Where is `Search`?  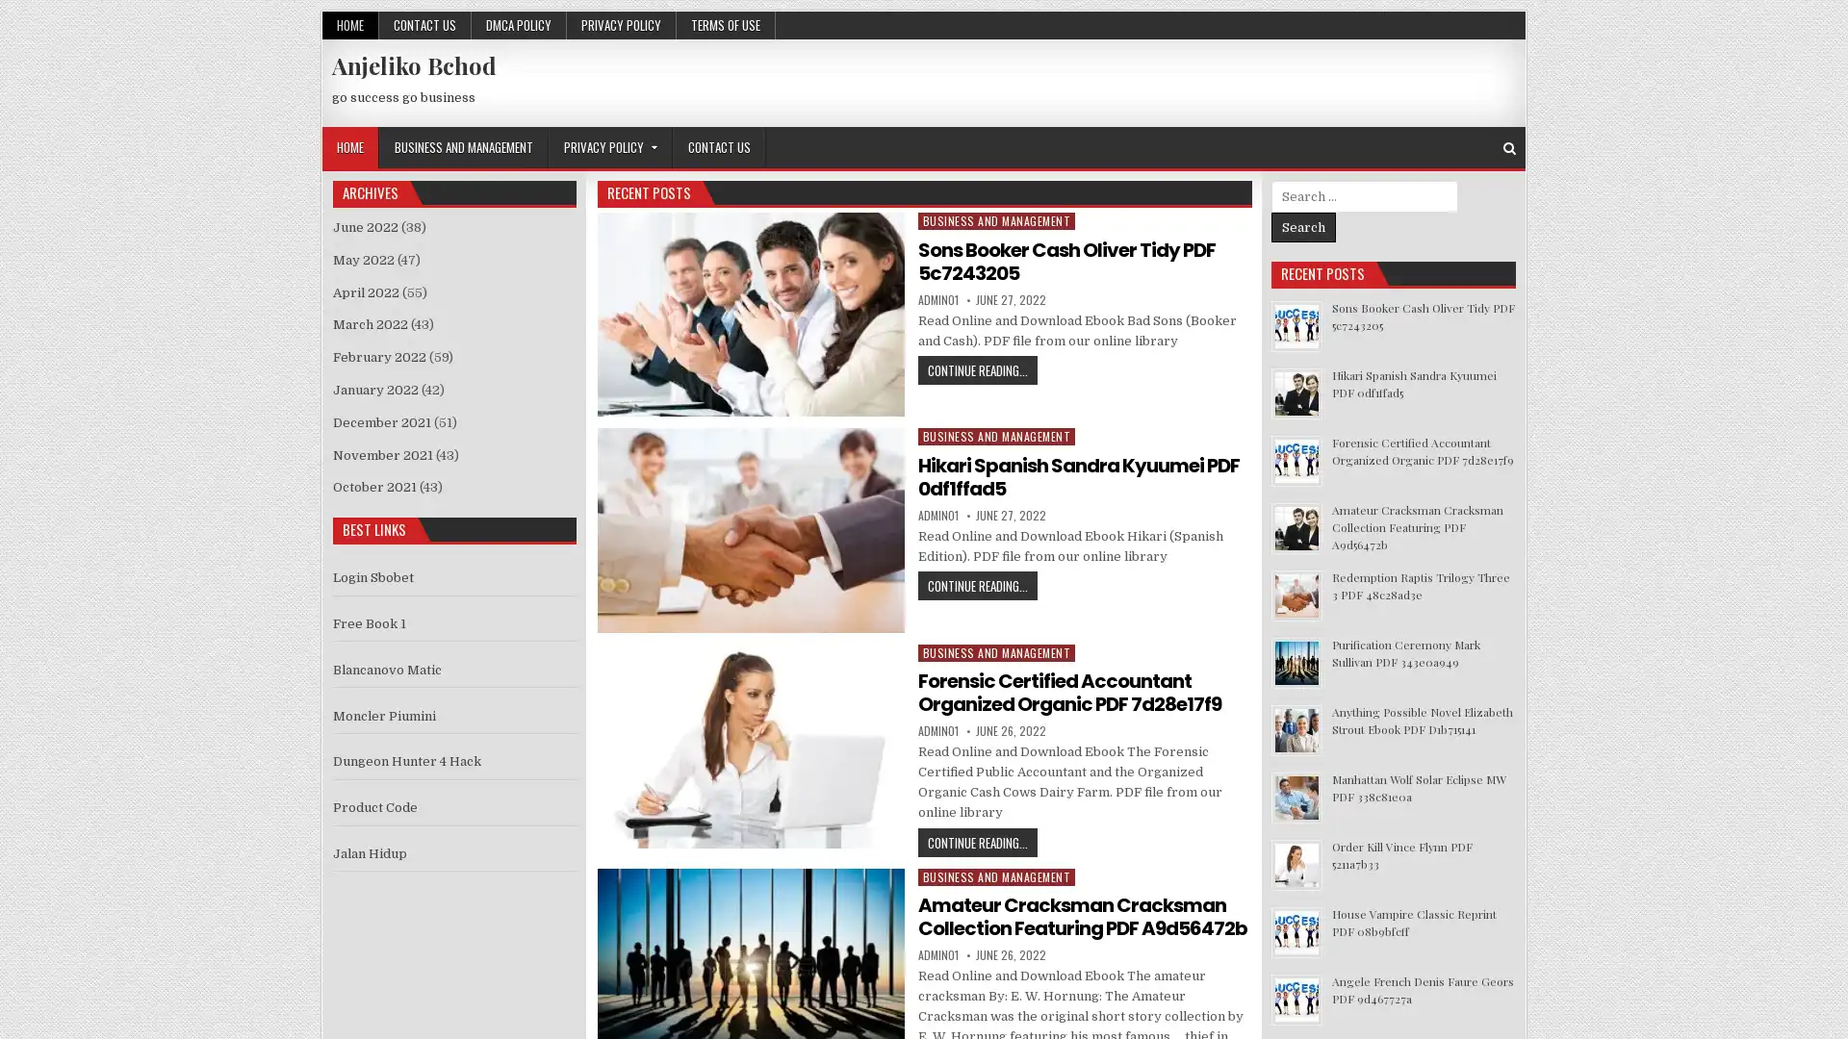 Search is located at coordinates (1303, 226).